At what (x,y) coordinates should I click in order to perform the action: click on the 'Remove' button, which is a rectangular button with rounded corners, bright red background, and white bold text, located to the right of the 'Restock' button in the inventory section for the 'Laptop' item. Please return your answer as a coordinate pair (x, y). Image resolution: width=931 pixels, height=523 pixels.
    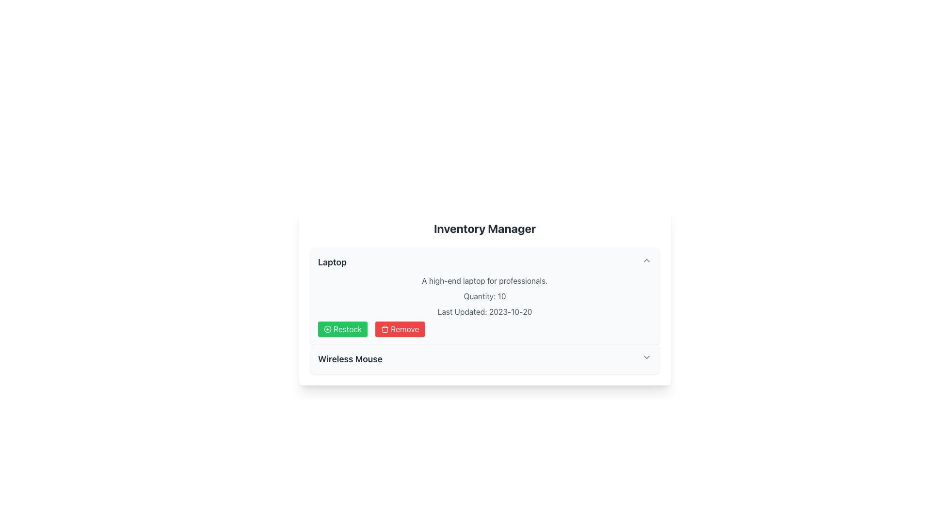
    Looking at the image, I should click on (400, 328).